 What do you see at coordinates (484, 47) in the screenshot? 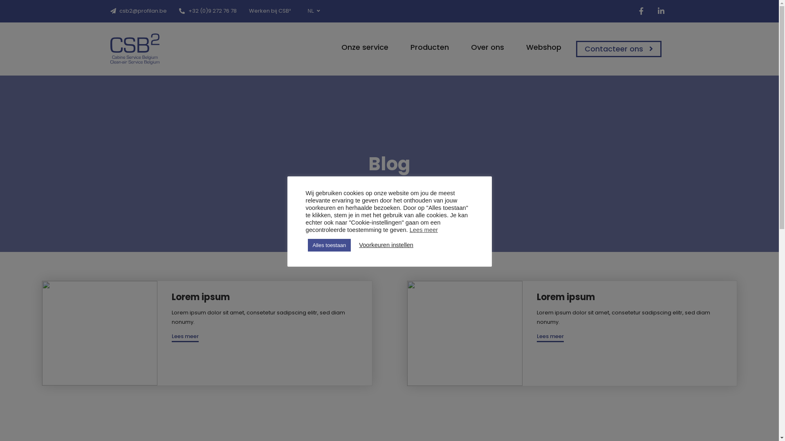
I see `'Over ons'` at bounding box center [484, 47].